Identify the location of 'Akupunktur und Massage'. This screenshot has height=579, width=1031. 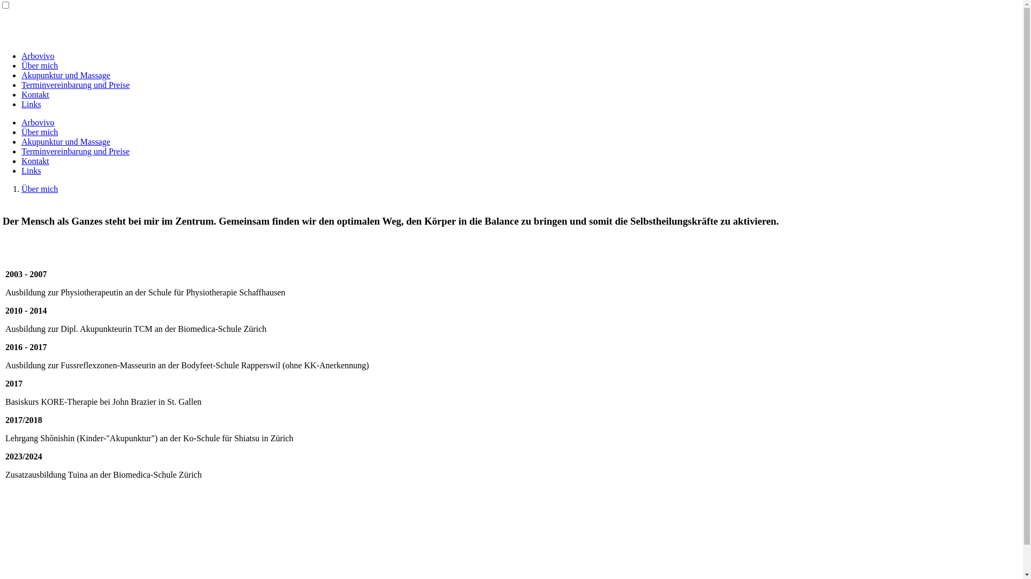
(65, 75).